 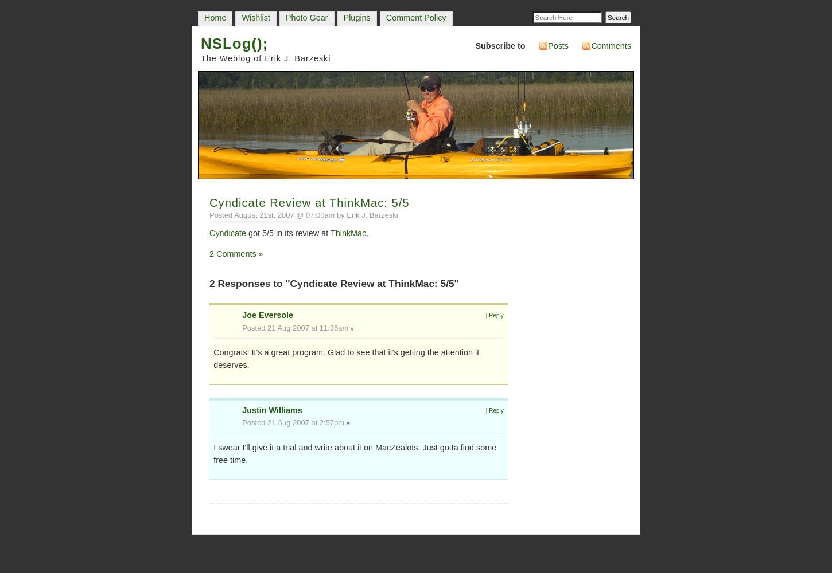 What do you see at coordinates (241, 327) in the screenshot?
I see `'Posted 21 Aug 2007 at 11:36am'` at bounding box center [241, 327].